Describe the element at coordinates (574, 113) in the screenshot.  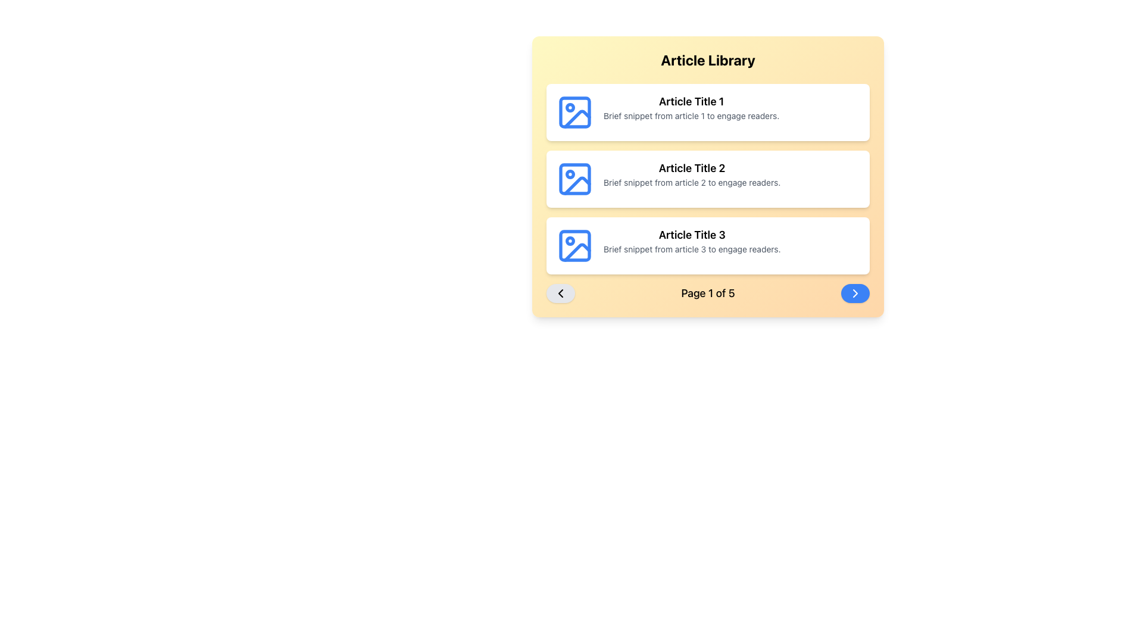
I see `the decorative SVG graphical element that represents the article entry icon on the left side of the first article card in the 'Article Library'` at that location.